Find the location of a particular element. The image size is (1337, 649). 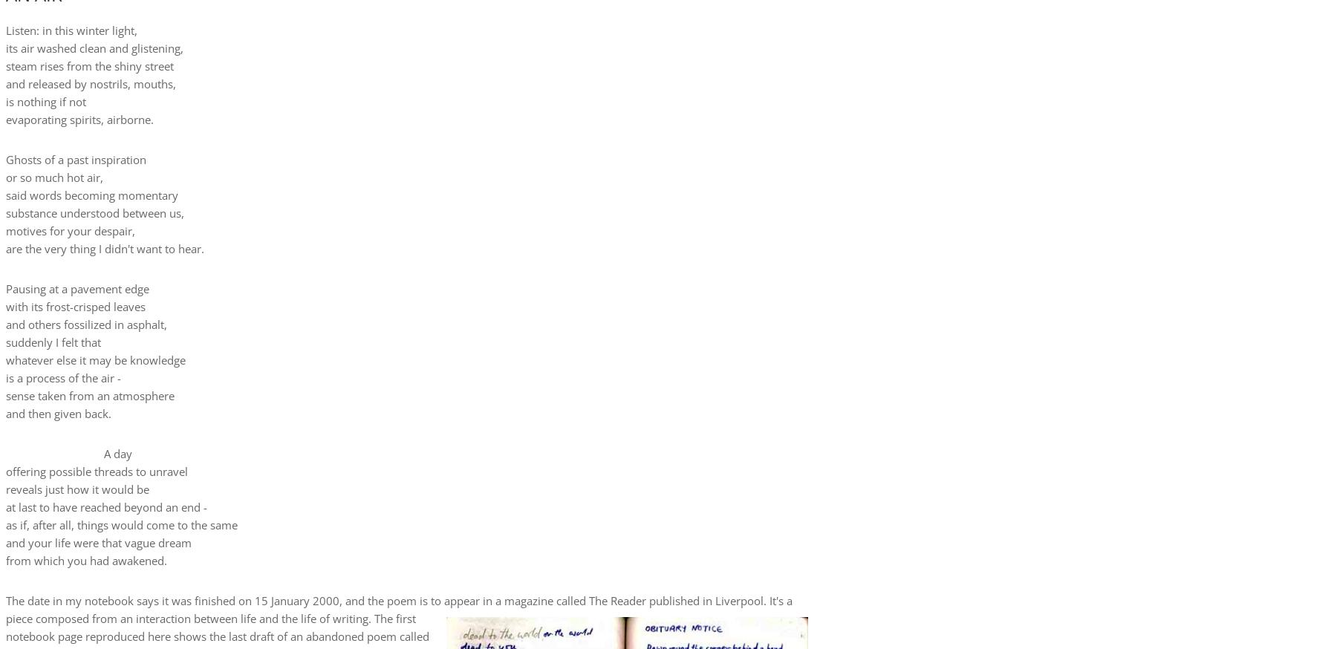

'and your life were that vague dream' is located at coordinates (99, 541).